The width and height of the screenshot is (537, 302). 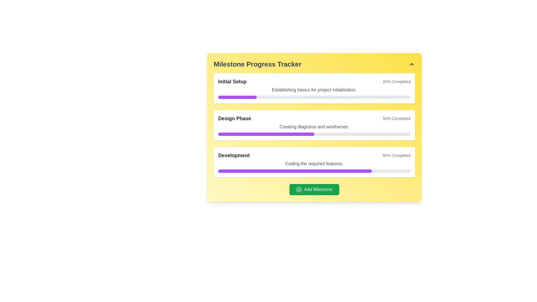 What do you see at coordinates (235, 118) in the screenshot?
I see `text 'Design Phase' from the bold text label located on the left side of the second milestone card in the progress tracker interface` at bounding box center [235, 118].